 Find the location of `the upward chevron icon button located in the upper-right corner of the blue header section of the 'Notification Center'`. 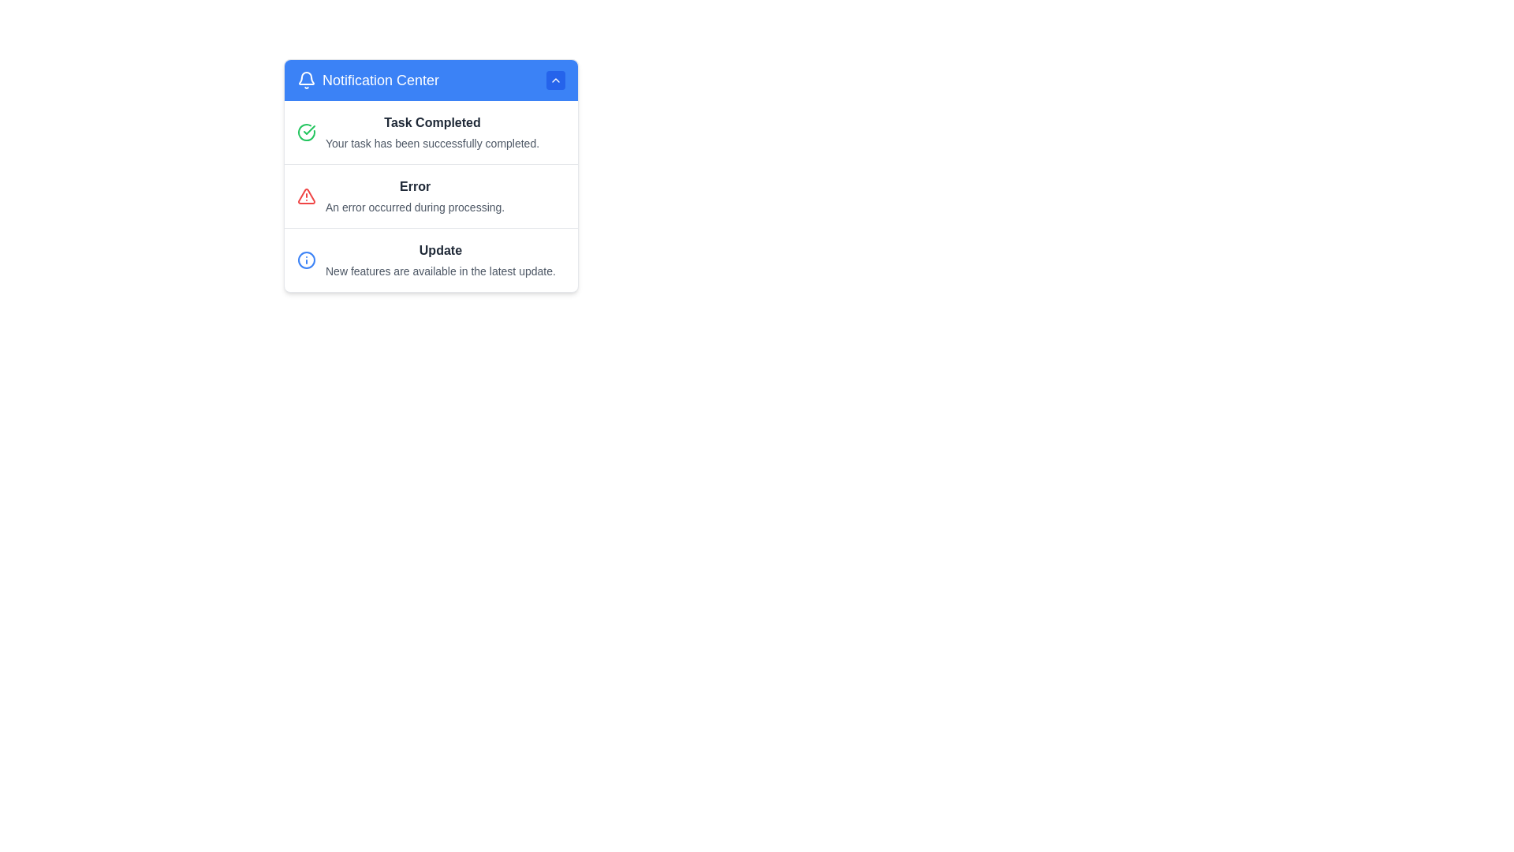

the upward chevron icon button located in the upper-right corner of the blue header section of the 'Notification Center' is located at coordinates (556, 80).